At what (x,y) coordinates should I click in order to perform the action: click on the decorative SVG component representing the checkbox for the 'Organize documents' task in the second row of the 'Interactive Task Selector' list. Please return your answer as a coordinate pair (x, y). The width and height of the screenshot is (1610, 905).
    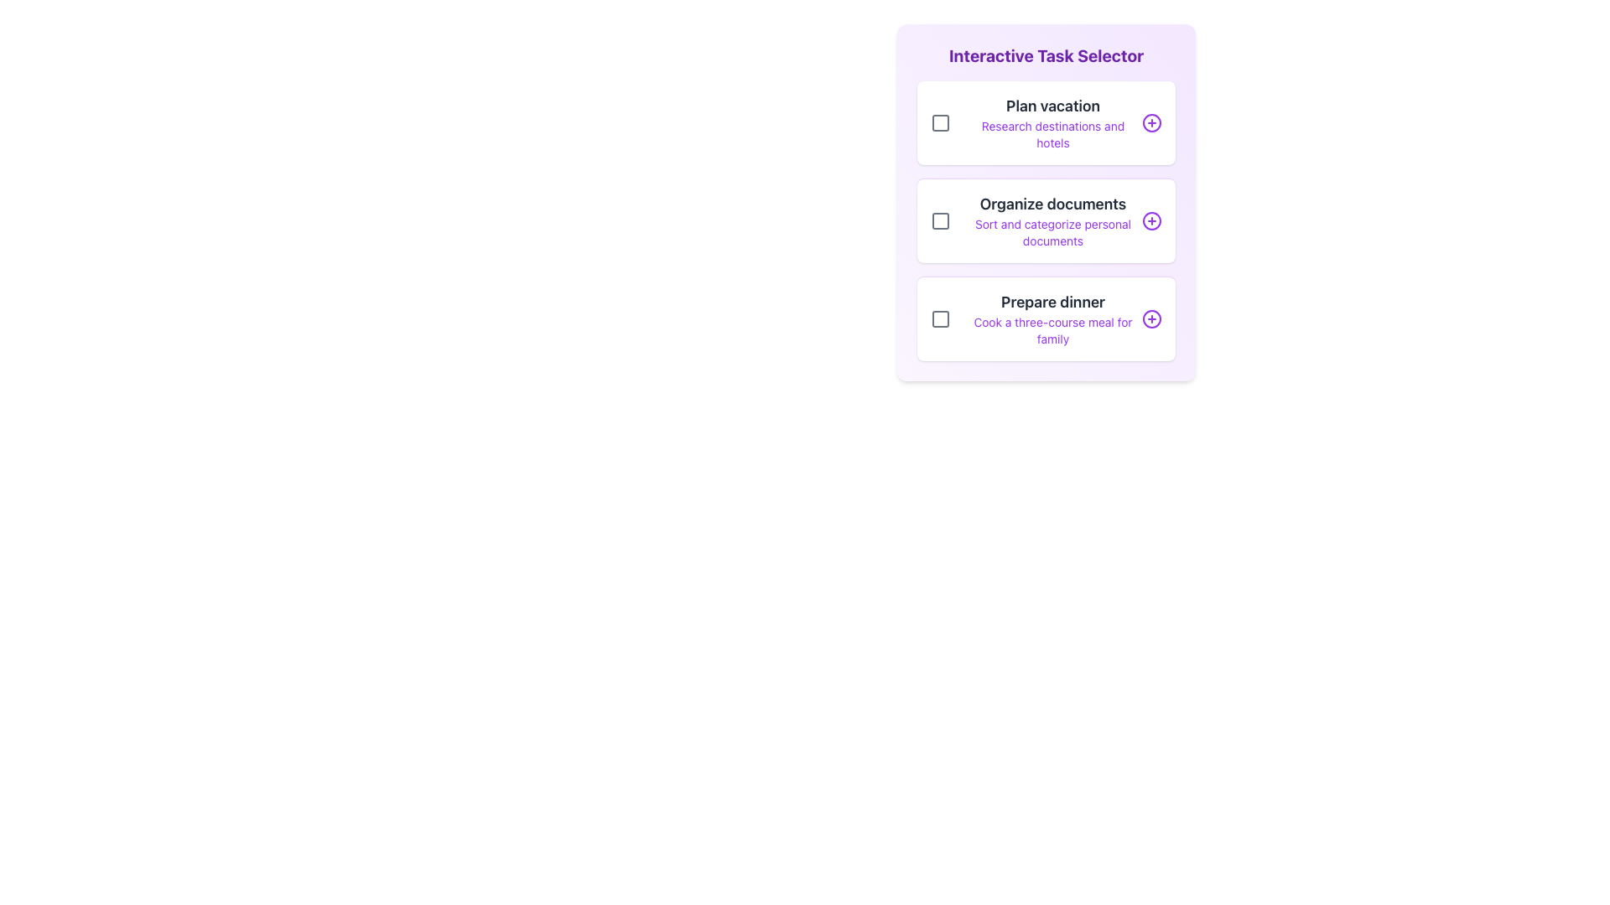
    Looking at the image, I should click on (941, 220).